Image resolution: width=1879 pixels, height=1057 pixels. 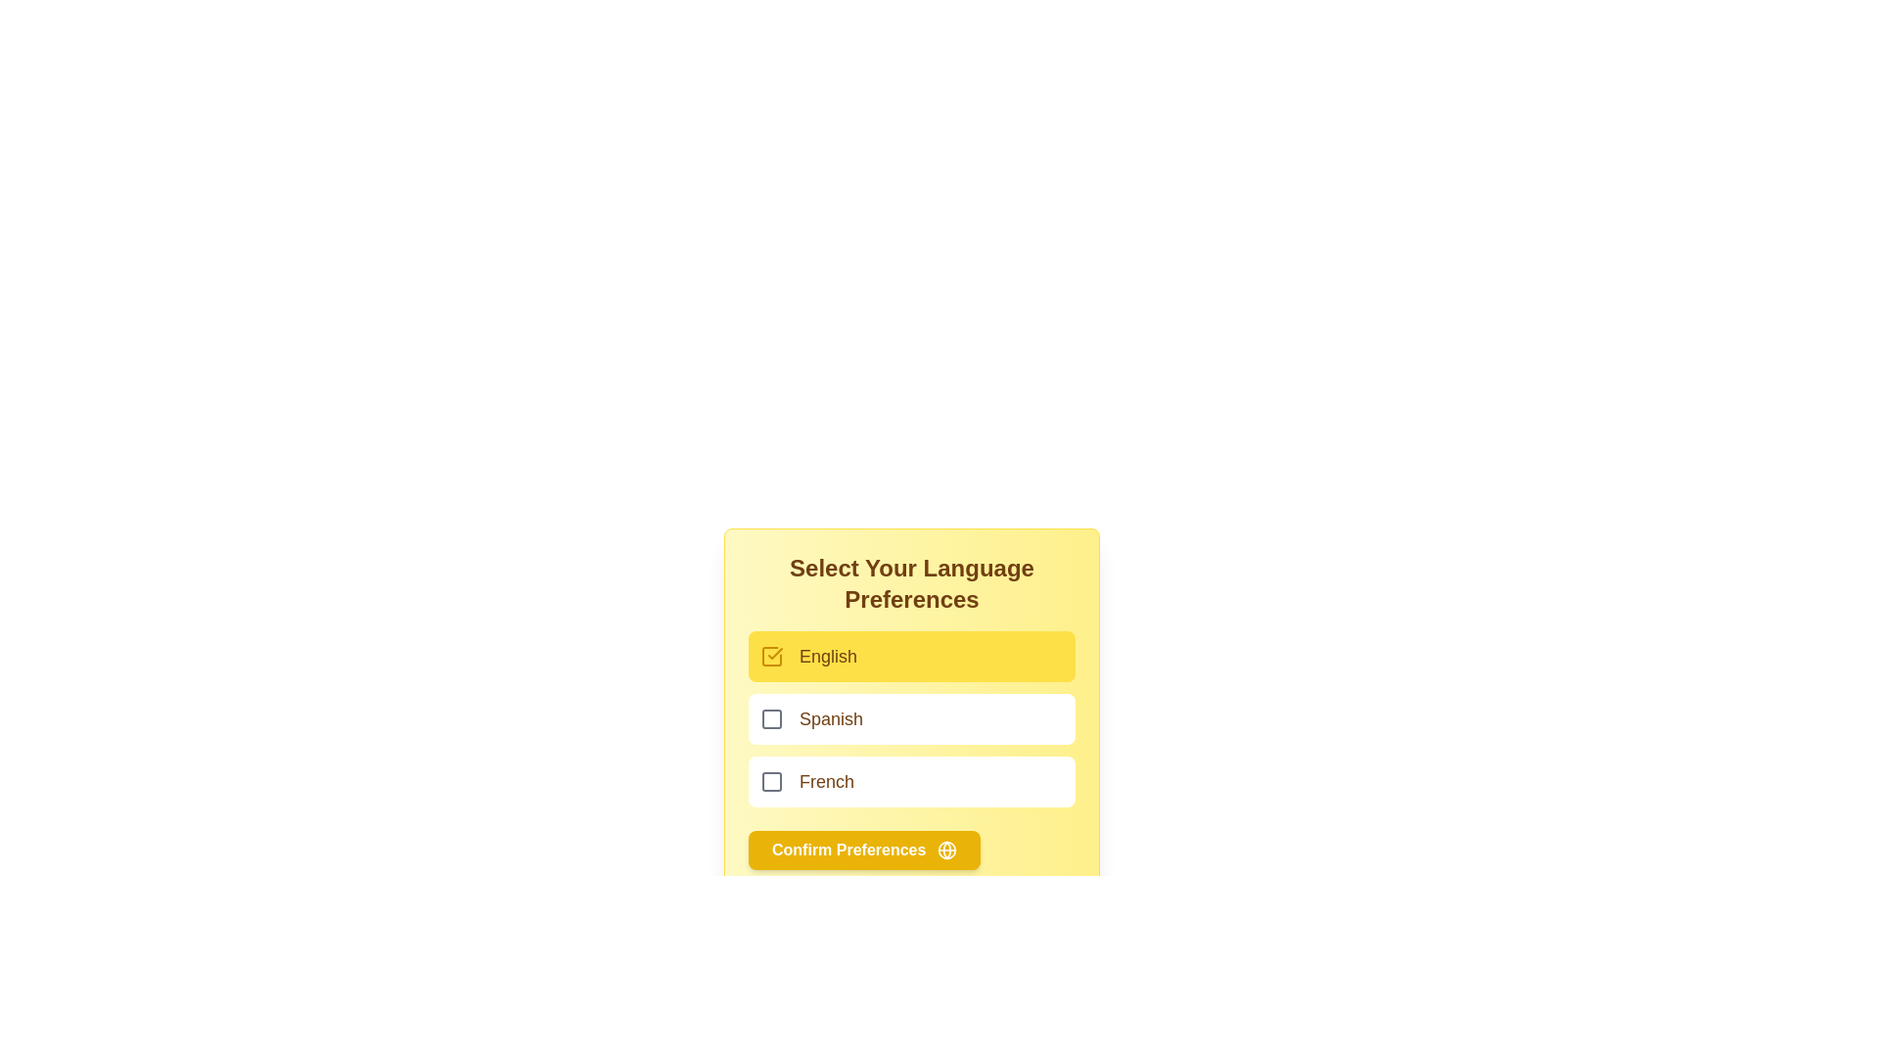 What do you see at coordinates (831, 719) in the screenshot?
I see `the text label displaying 'Spanish', which is a large brownish-yellow text aligned with a checkbox in the language selection list` at bounding box center [831, 719].